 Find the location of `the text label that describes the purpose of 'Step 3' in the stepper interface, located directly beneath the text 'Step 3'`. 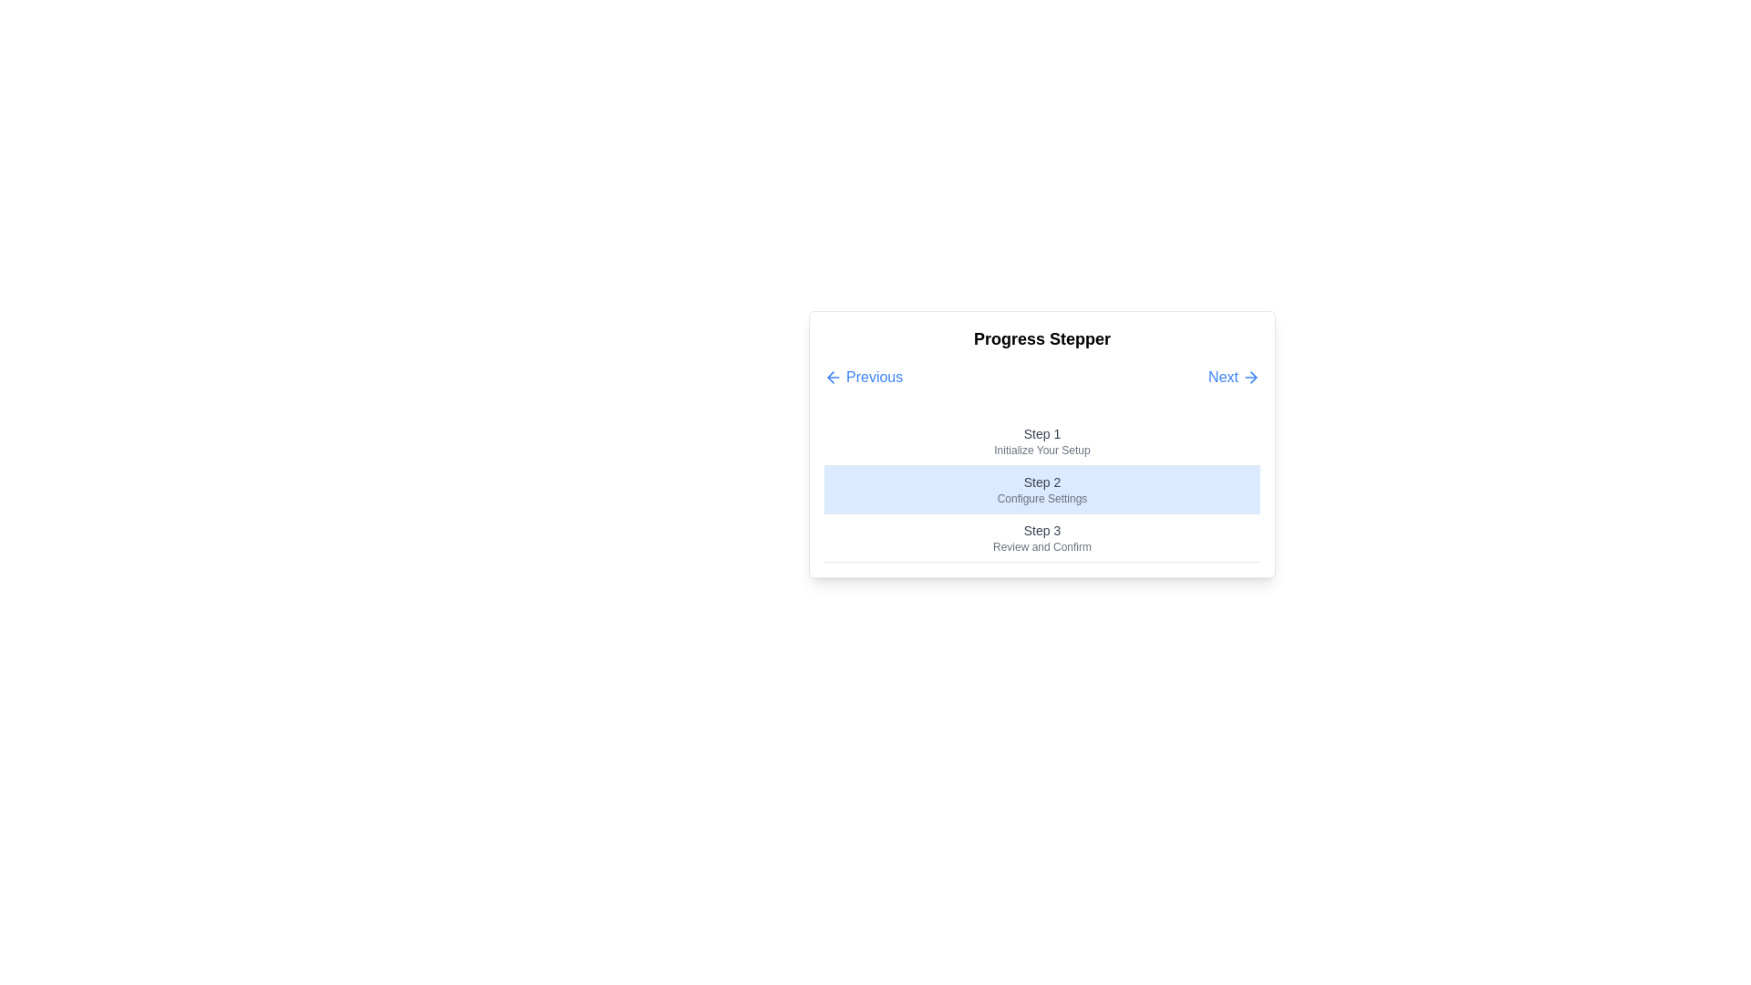

the text label that describes the purpose of 'Step 3' in the stepper interface, located directly beneath the text 'Step 3' is located at coordinates (1041, 546).